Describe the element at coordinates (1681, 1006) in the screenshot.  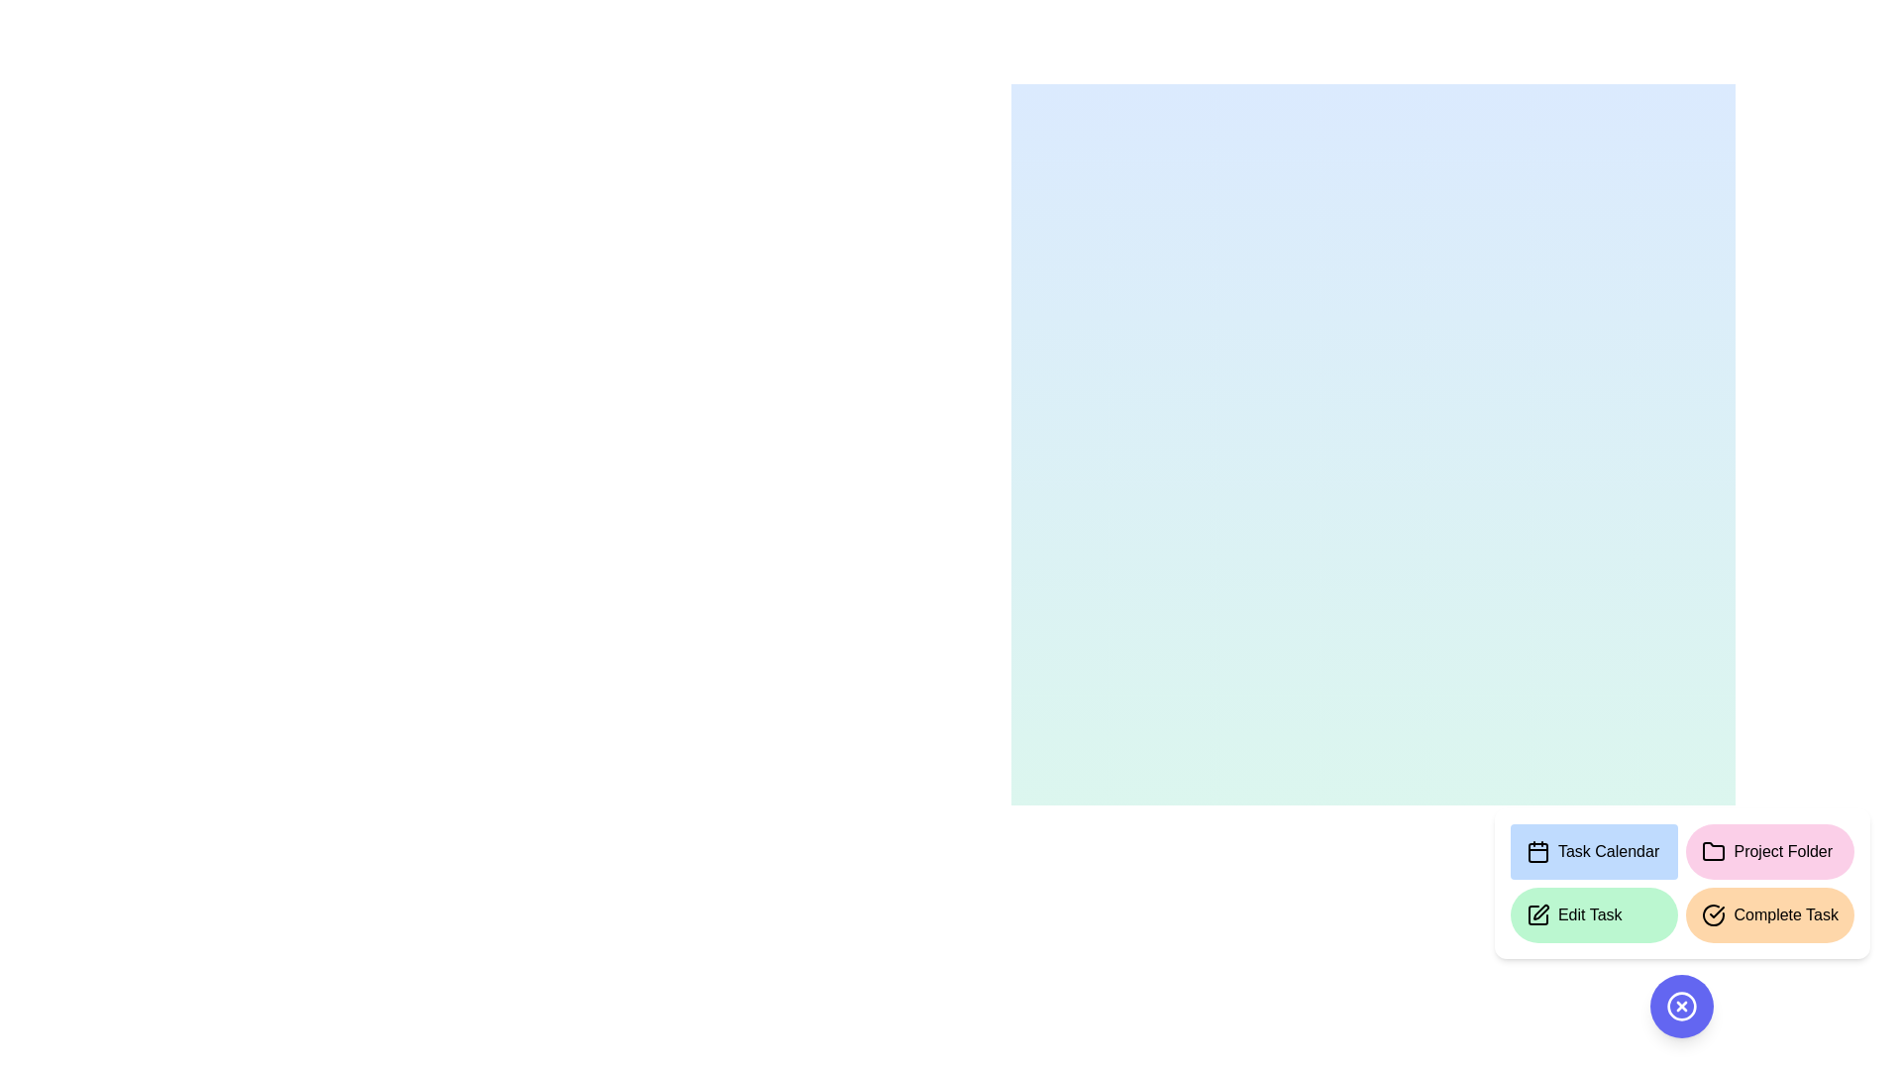
I see `the round blue button with a white 'X' symbol in the center` at that location.